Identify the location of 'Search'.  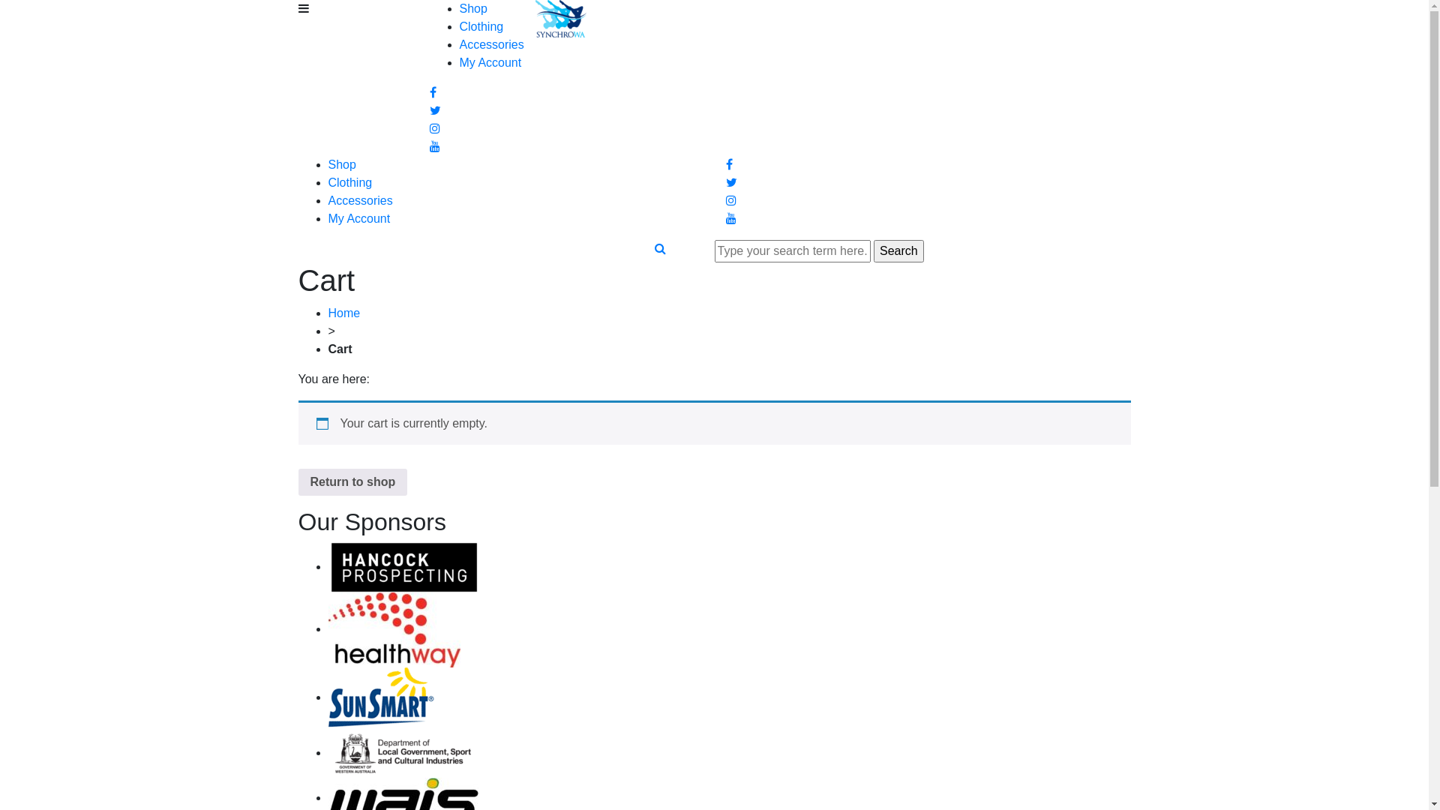
(898, 250).